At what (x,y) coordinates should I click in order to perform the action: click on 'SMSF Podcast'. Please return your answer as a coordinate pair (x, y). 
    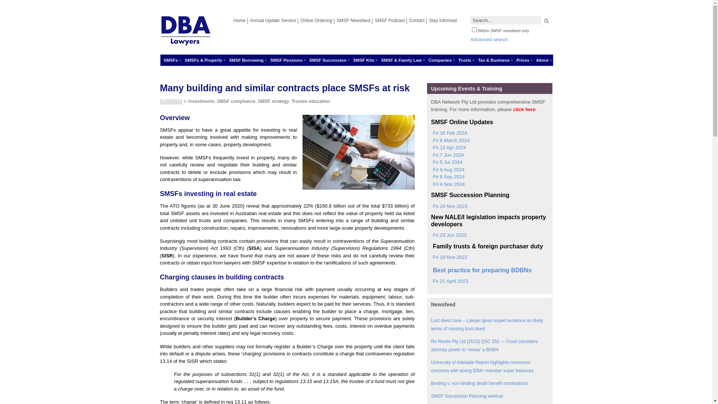
    Looking at the image, I should click on (389, 20).